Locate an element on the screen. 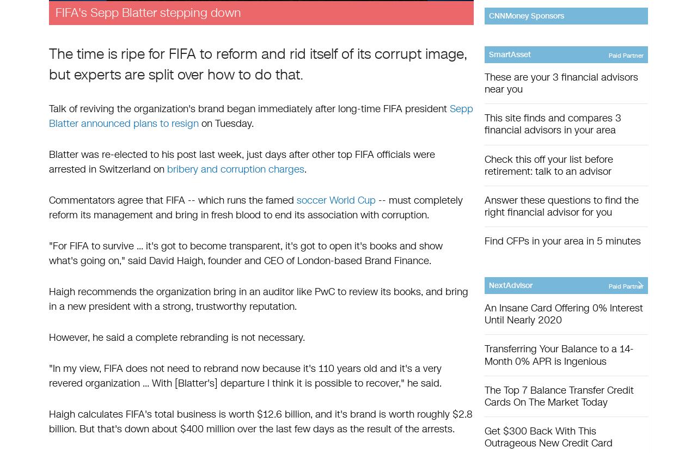  'SmartAsset' is located at coordinates (509, 54).